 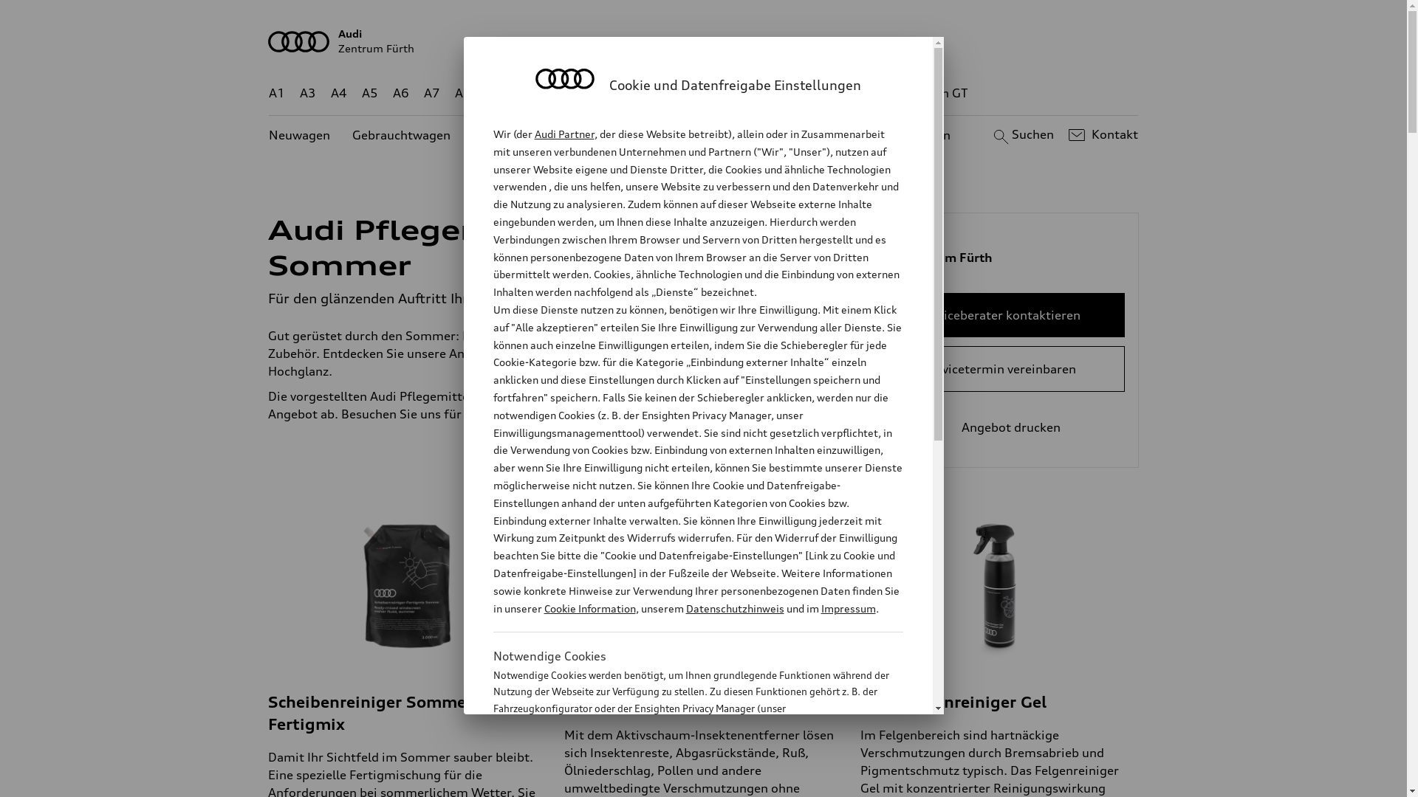 I want to click on 'Q4 e-tron', so click(x=549, y=93).